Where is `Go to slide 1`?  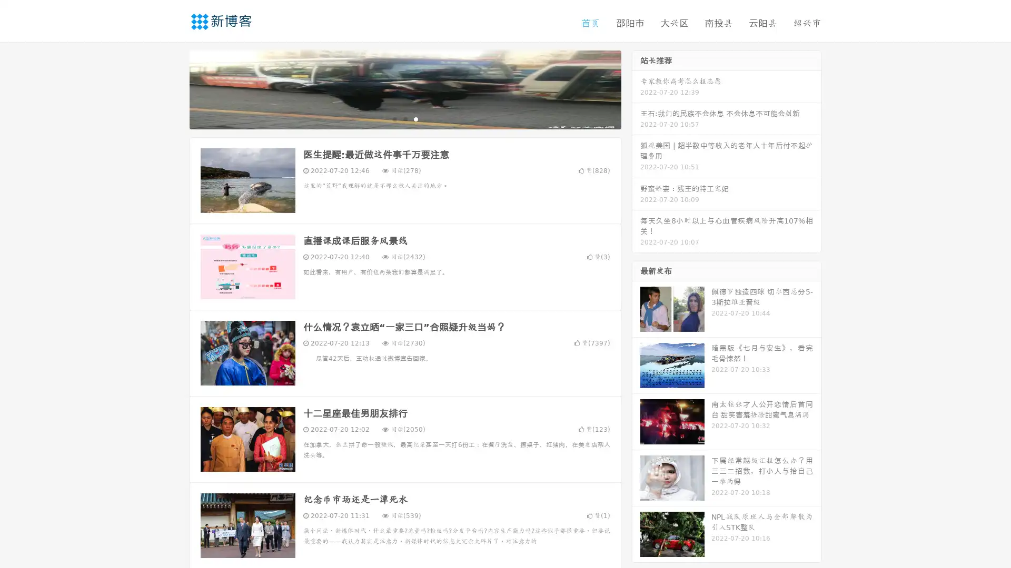 Go to slide 1 is located at coordinates (394, 118).